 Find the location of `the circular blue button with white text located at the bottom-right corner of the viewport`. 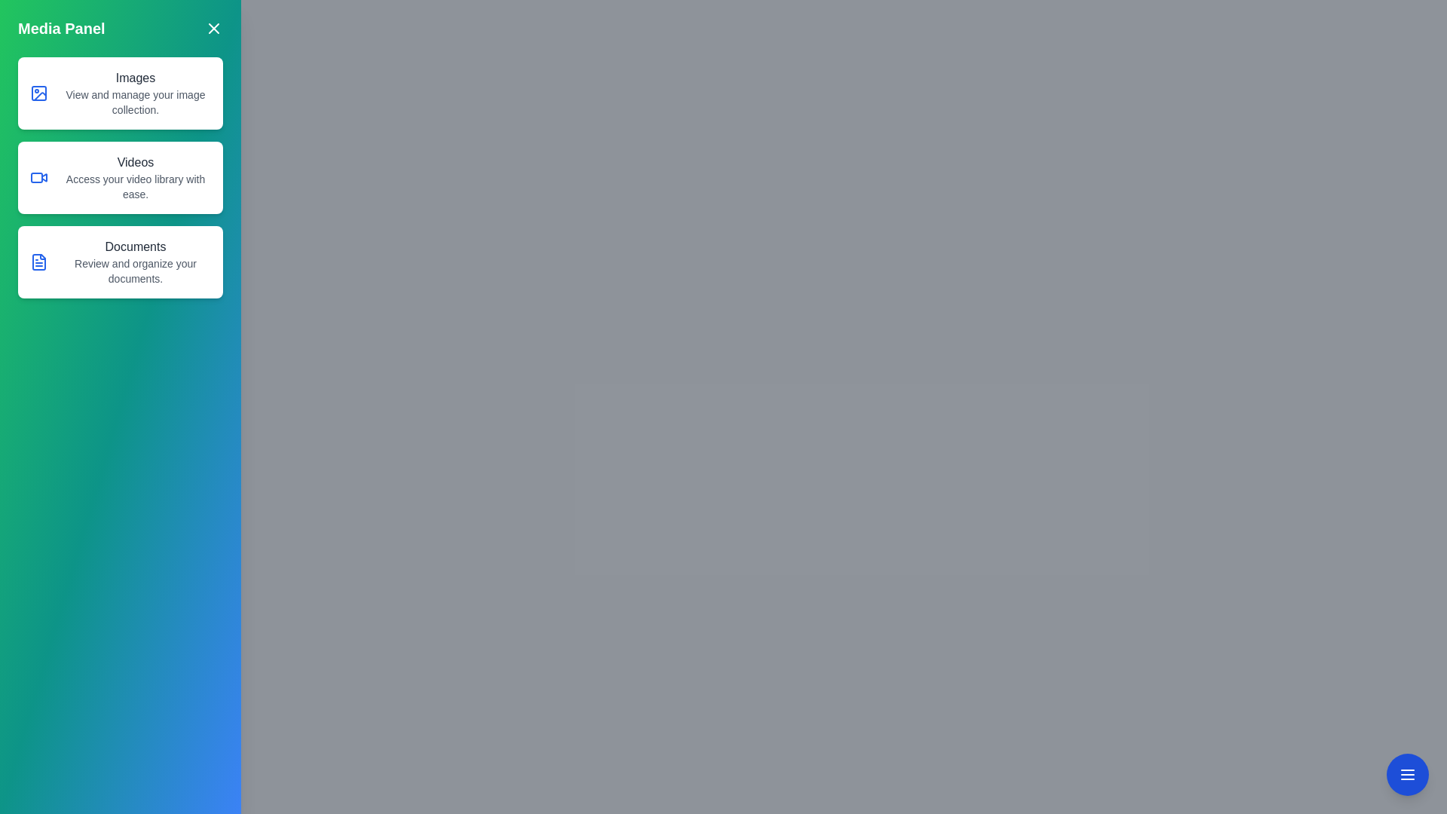

the circular blue button with white text located at the bottom-right corner of the viewport is located at coordinates (1406, 775).